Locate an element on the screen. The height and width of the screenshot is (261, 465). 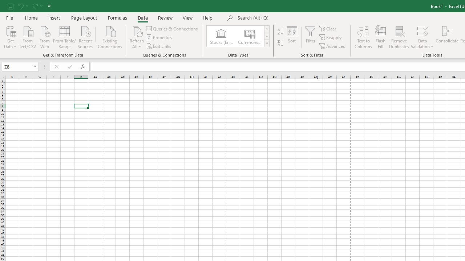
'Text to Columns...' is located at coordinates (363, 37).